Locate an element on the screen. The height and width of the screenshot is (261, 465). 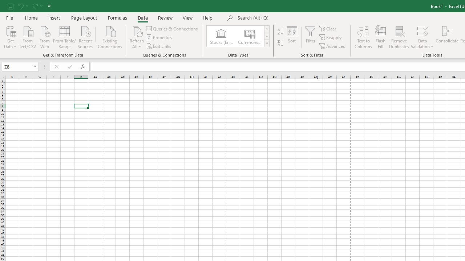
'Text to Columns...' is located at coordinates (363, 37).